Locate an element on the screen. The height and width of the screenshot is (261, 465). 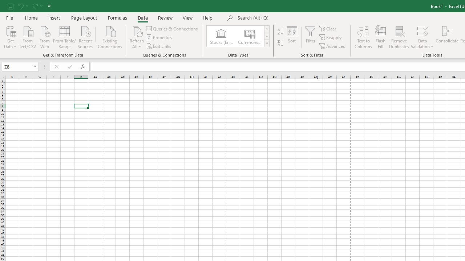
'Text to Columns...' is located at coordinates (363, 37).